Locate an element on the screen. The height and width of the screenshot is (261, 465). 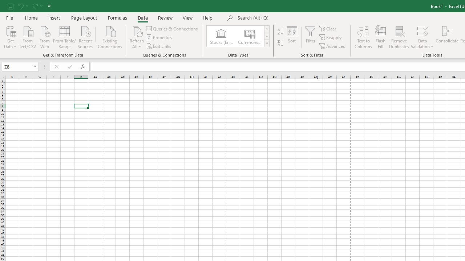
'Text to Columns...' is located at coordinates (363, 37).